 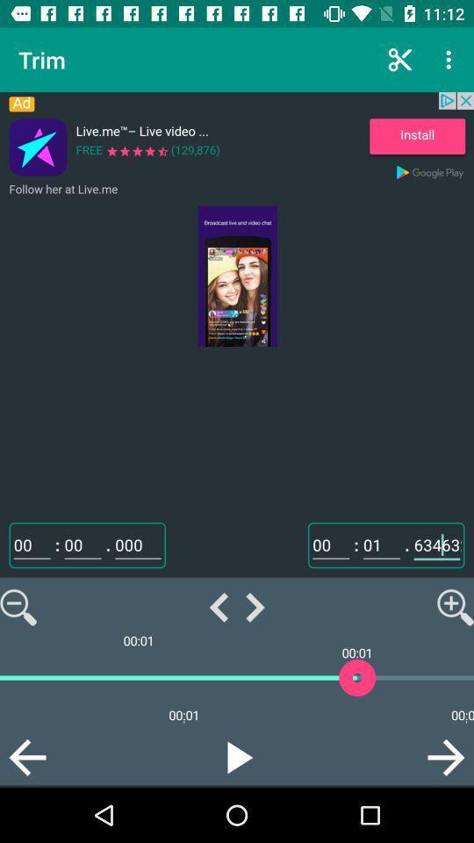 What do you see at coordinates (237, 607) in the screenshot?
I see `the arrows which is in between zoom in and zoom out icons` at bounding box center [237, 607].